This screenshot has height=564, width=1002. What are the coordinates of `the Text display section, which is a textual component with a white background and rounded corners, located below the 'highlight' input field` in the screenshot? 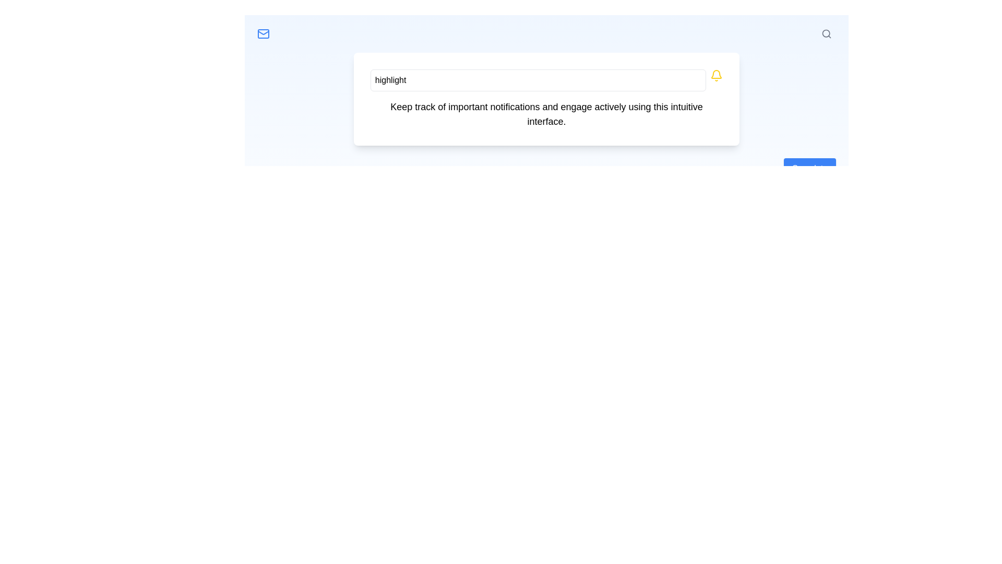 It's located at (546, 99).